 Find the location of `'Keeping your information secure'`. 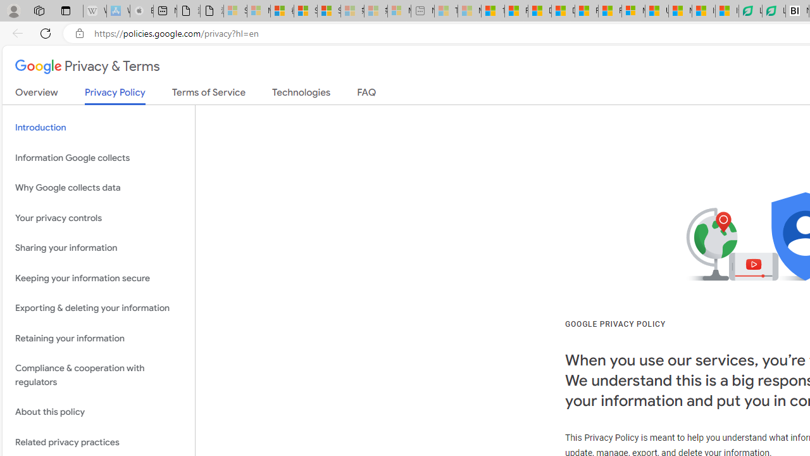

'Keeping your information secure' is located at coordinates (98, 277).